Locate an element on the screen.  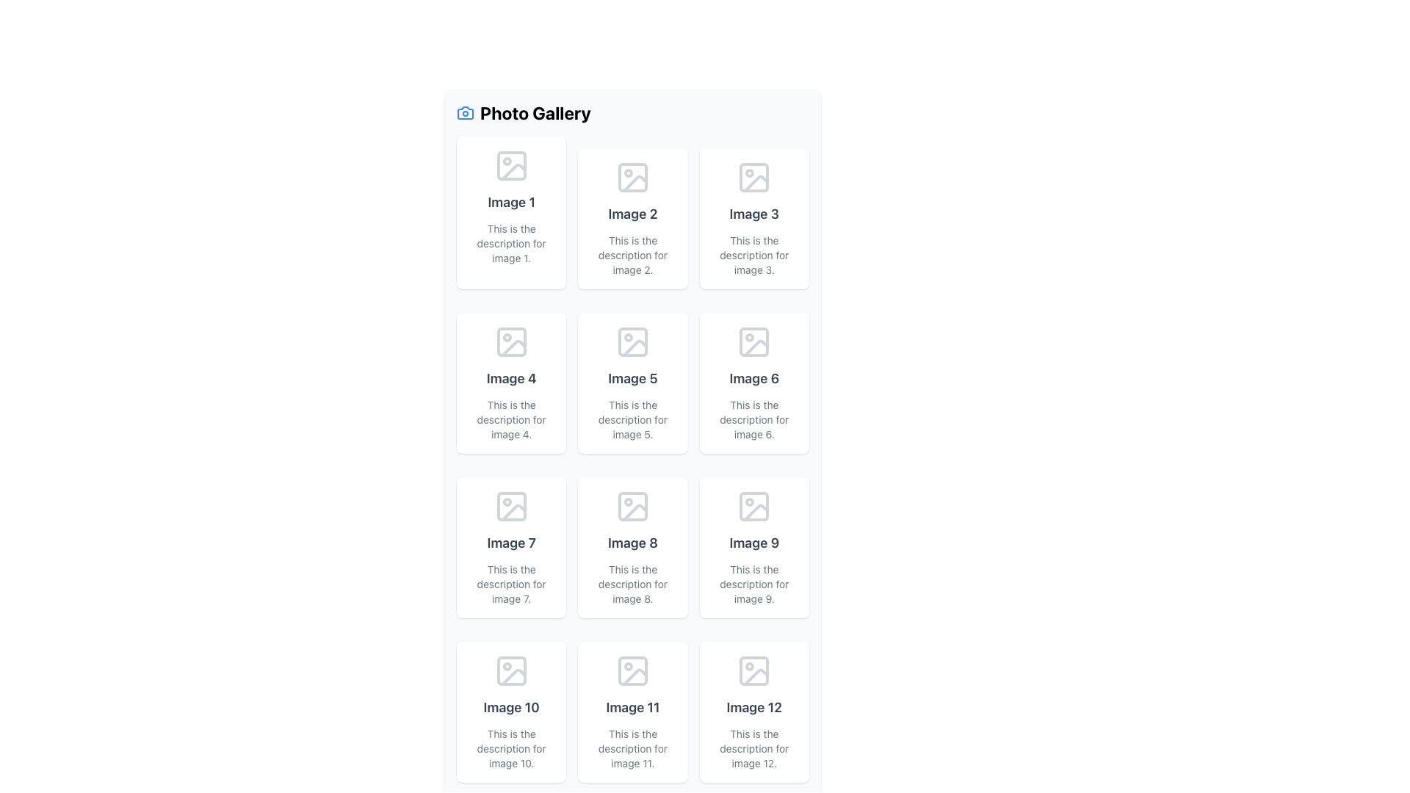
the heading label that serves as the title of the eleventh image in the gallery, located in the fourth row, second column of the grid layout is located at coordinates (632, 707).